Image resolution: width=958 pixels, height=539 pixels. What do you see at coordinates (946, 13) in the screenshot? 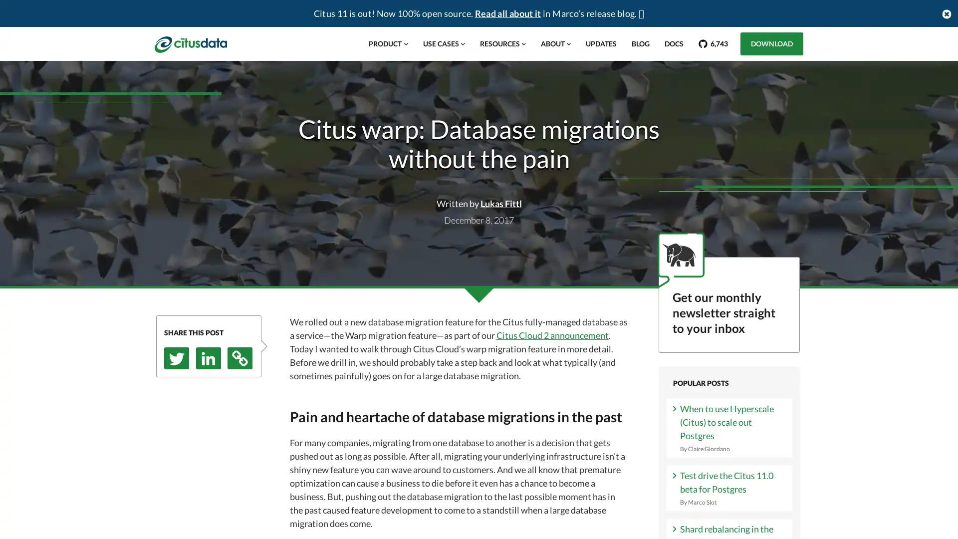
I see `Close notification bar button` at bounding box center [946, 13].